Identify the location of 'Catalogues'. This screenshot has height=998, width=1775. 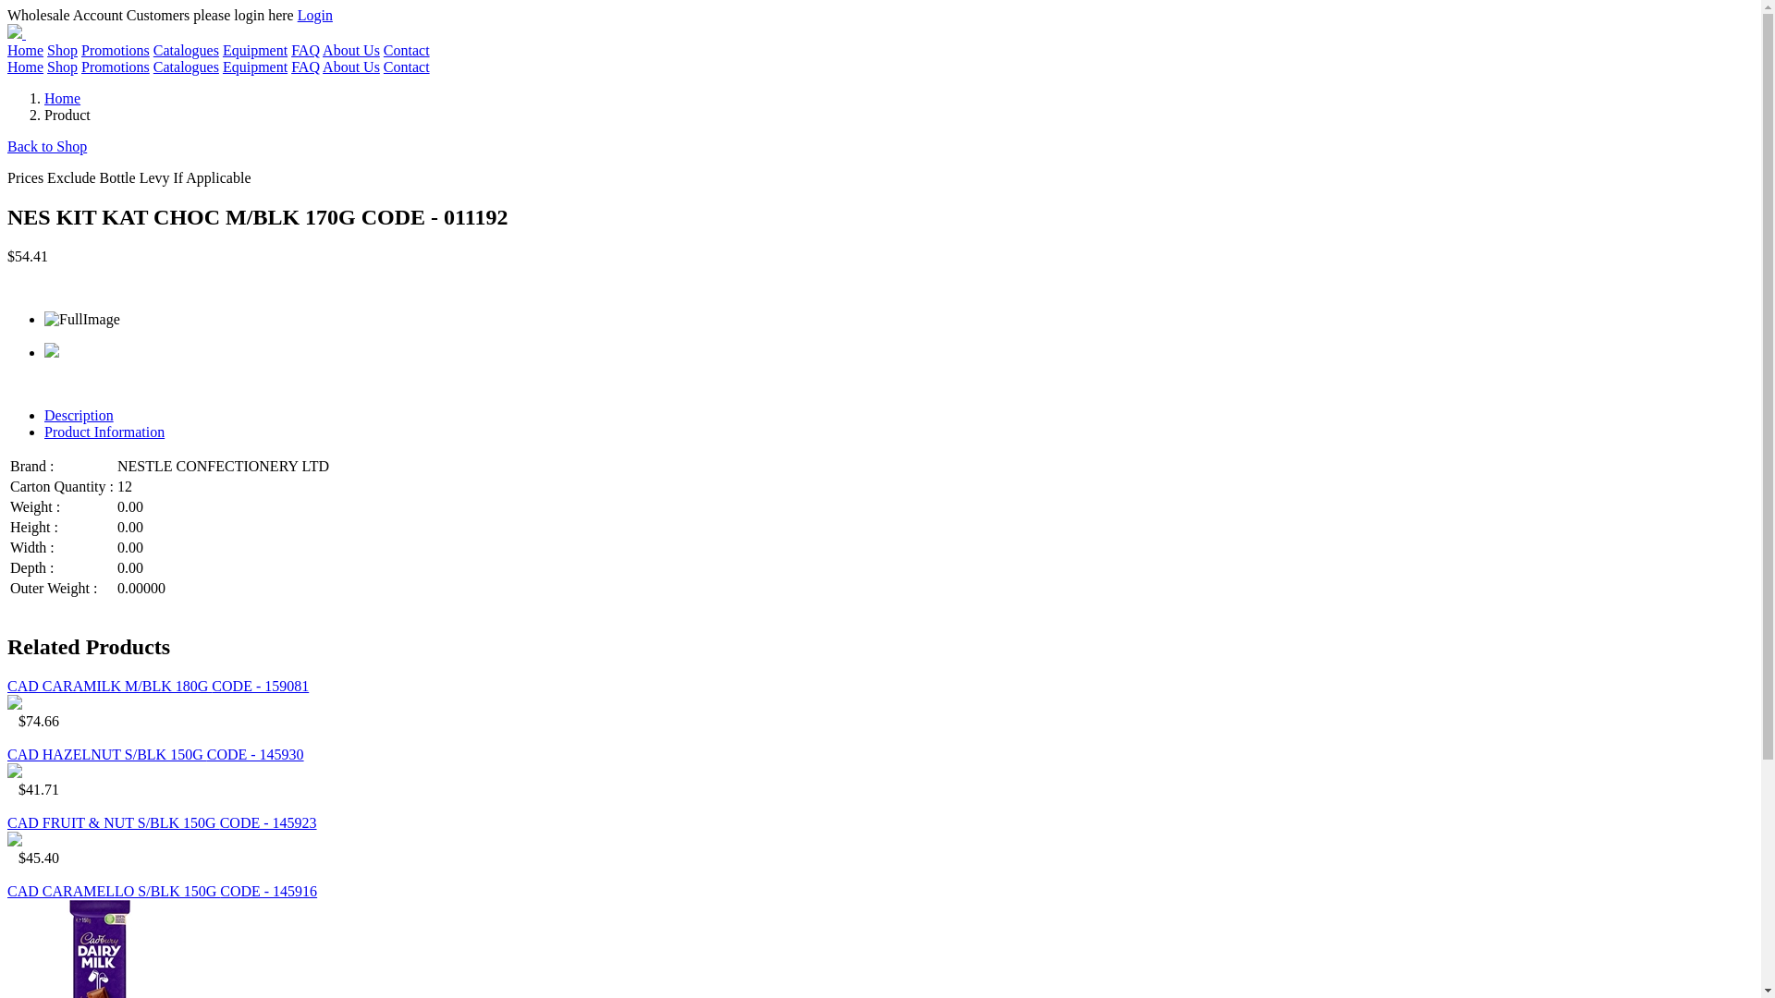
(186, 66).